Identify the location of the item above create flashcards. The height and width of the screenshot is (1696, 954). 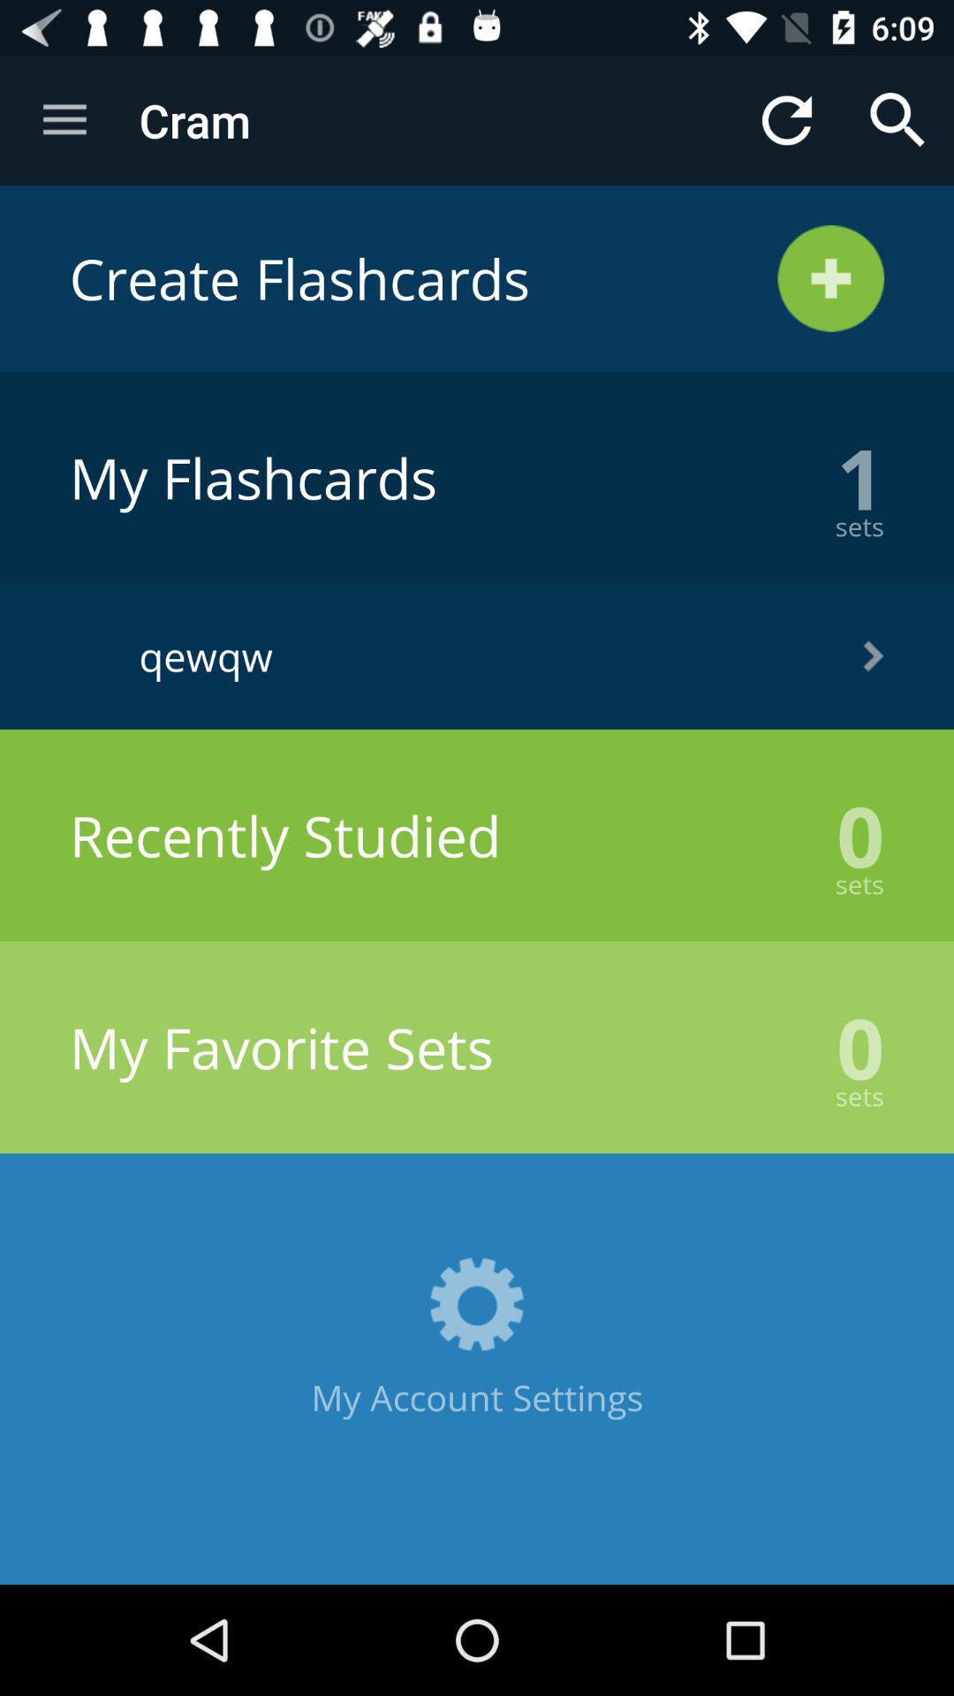
(64, 119).